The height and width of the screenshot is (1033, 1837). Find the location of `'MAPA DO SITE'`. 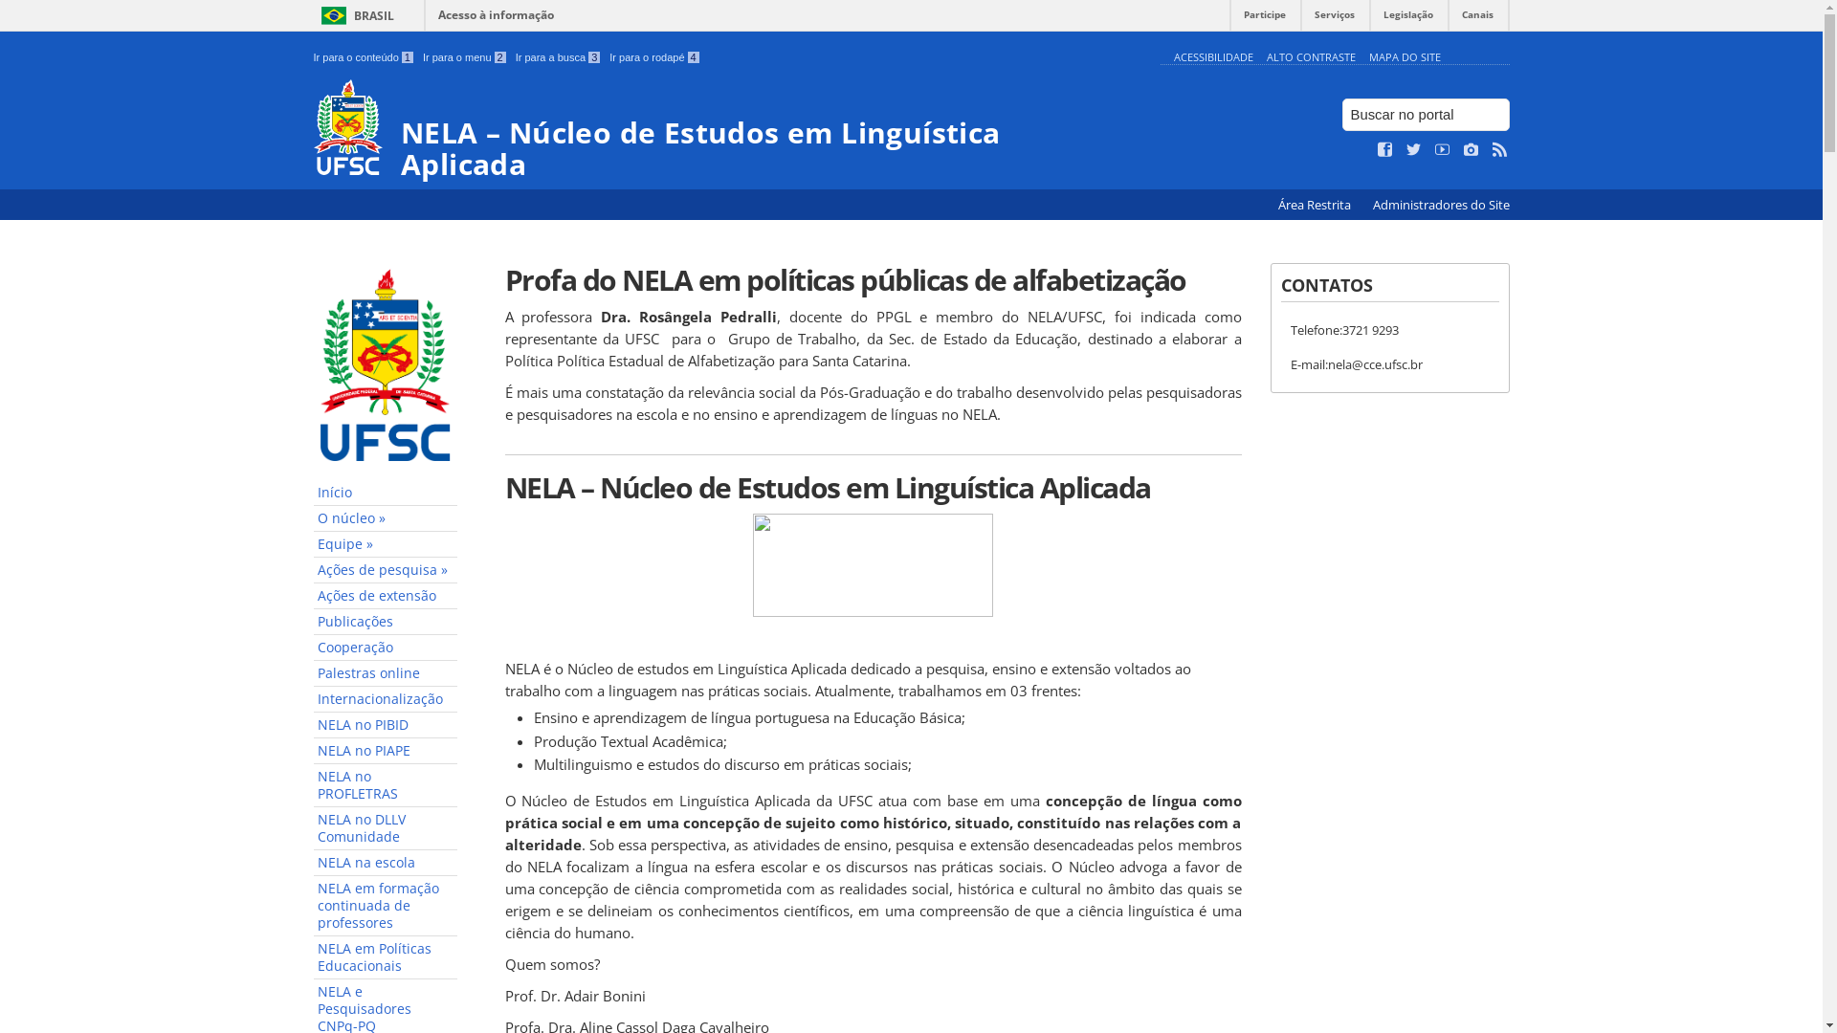

'MAPA DO SITE' is located at coordinates (1404, 55).